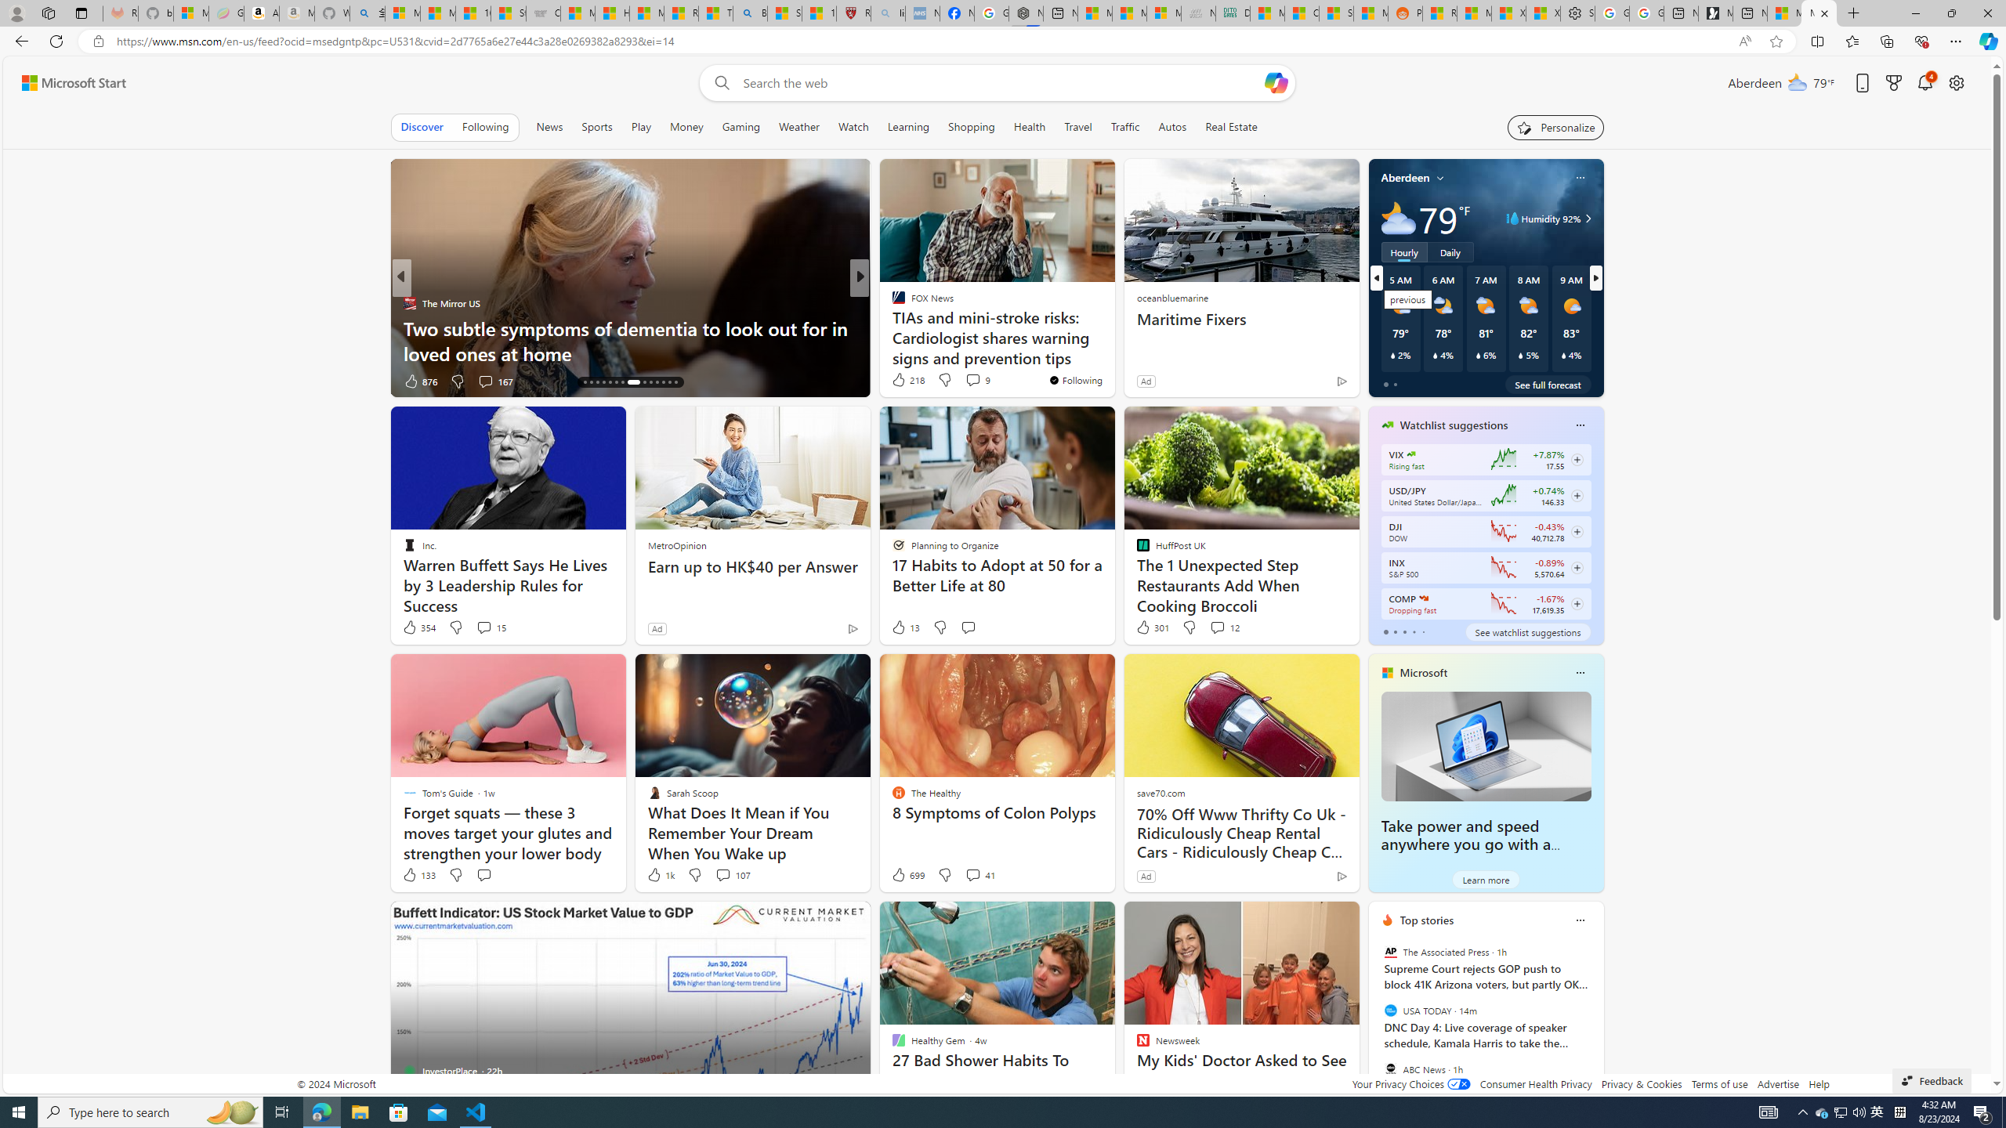 The image size is (2006, 1128). Describe the element at coordinates (632, 381) in the screenshot. I see `'AutomationID: tab-22'` at that location.